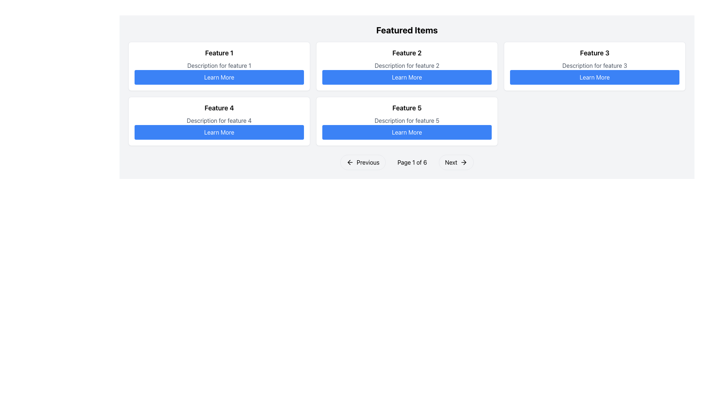 The height and width of the screenshot is (396, 704). What do you see at coordinates (406, 29) in the screenshot?
I see `the Text Header element that serves as the title for the content section, indicating the focus or theme of the section below` at bounding box center [406, 29].